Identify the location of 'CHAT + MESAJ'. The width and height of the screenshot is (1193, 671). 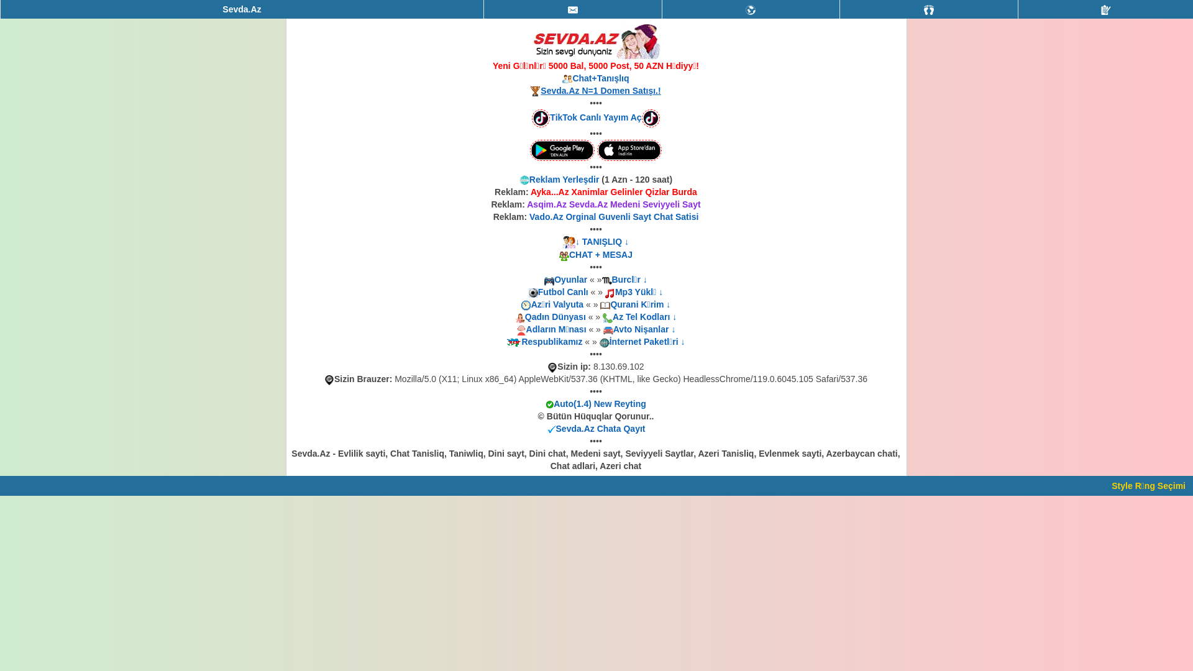
(600, 253).